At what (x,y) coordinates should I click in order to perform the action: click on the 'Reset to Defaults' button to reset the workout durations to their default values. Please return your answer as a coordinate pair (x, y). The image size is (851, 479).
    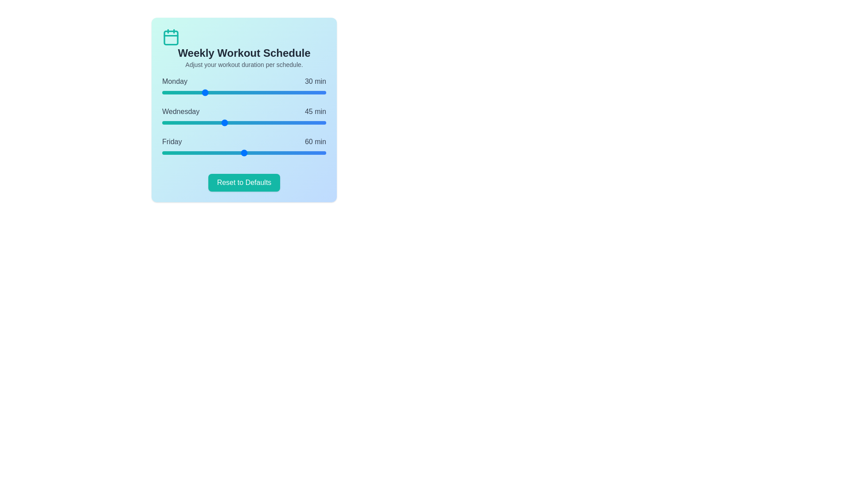
    Looking at the image, I should click on (244, 182).